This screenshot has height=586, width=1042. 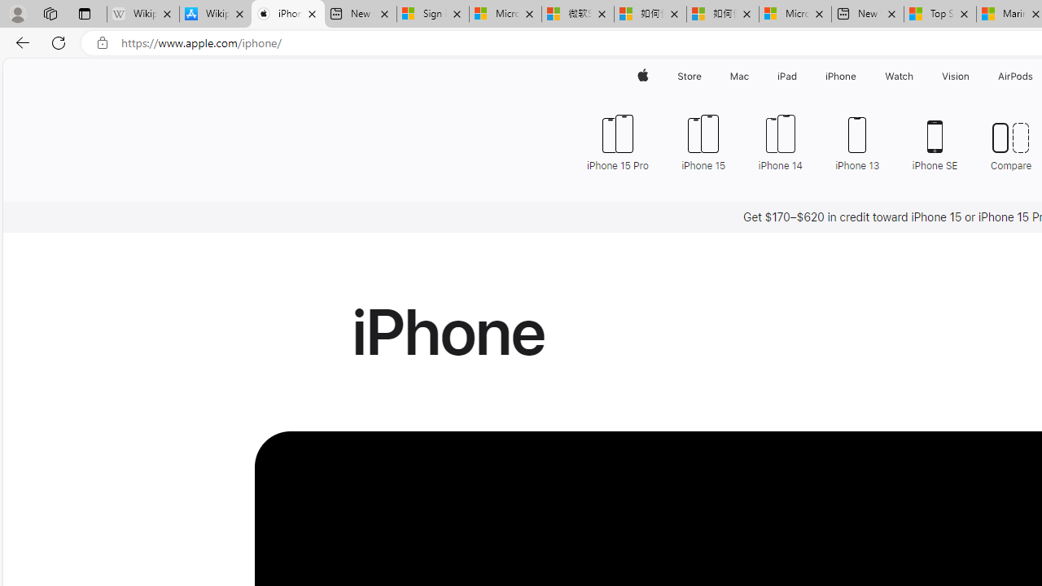 What do you see at coordinates (957, 76) in the screenshot?
I see `'Vision'` at bounding box center [957, 76].